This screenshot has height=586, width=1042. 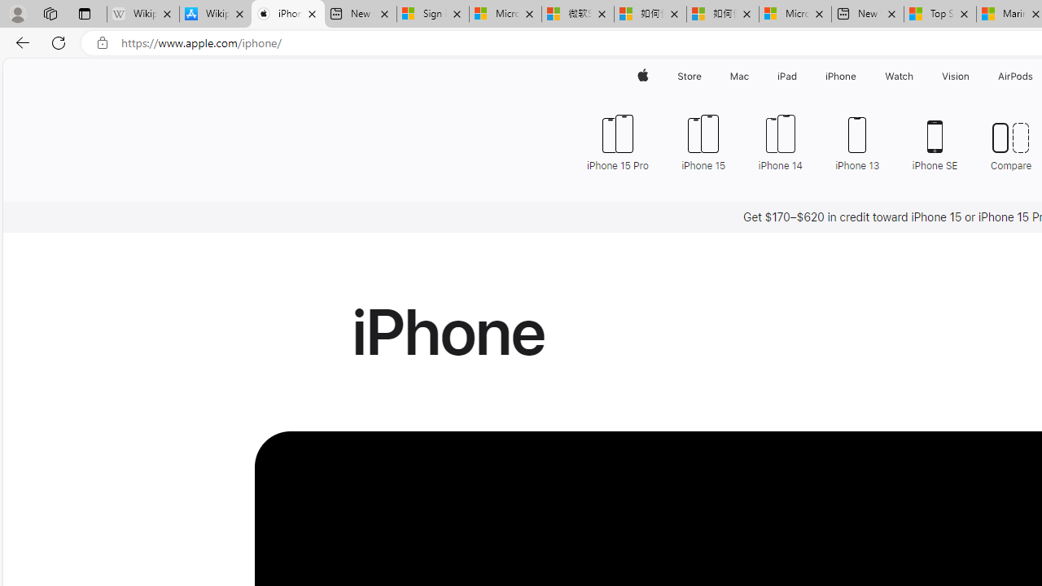 What do you see at coordinates (957, 76) in the screenshot?
I see `'Vision'` at bounding box center [957, 76].